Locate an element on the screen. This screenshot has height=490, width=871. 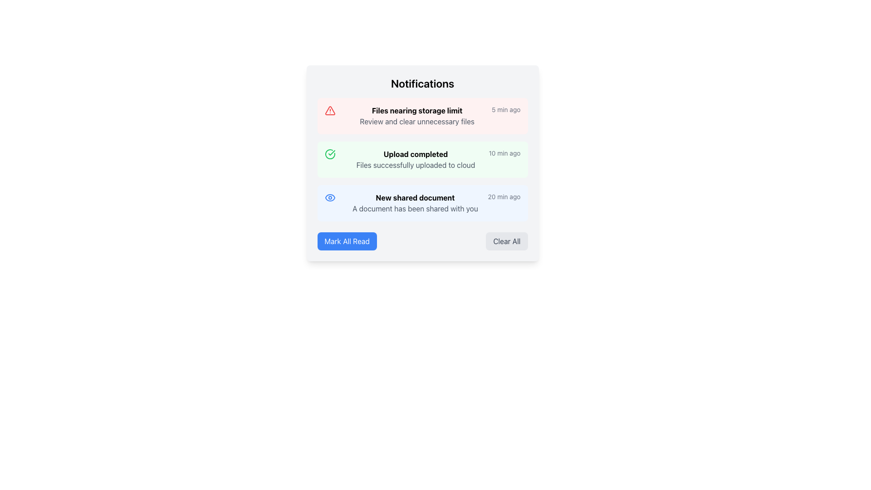
the notification element that displays 'New shared document' in bold and 'A document has been shared with you' in lighter gray text, located in the third notification section is located at coordinates (415, 202).